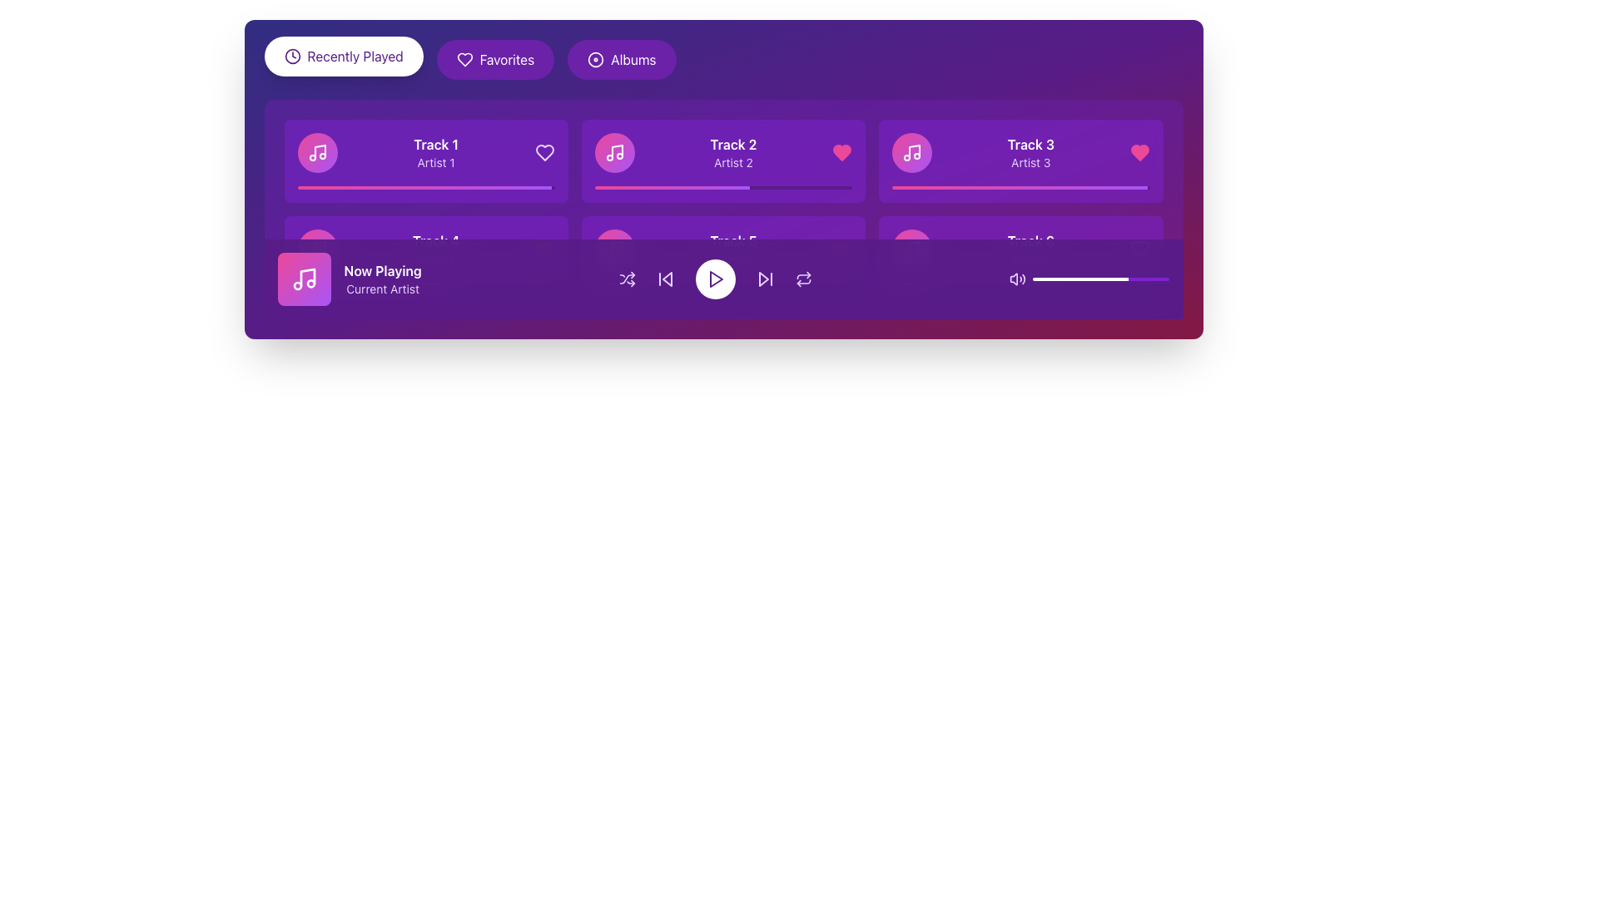  Describe the element at coordinates (426, 187) in the screenshot. I see `the progress visually on the horizontal gradient progress bar located within the card that displays 'Track 1' and 'Artist 1'` at that location.